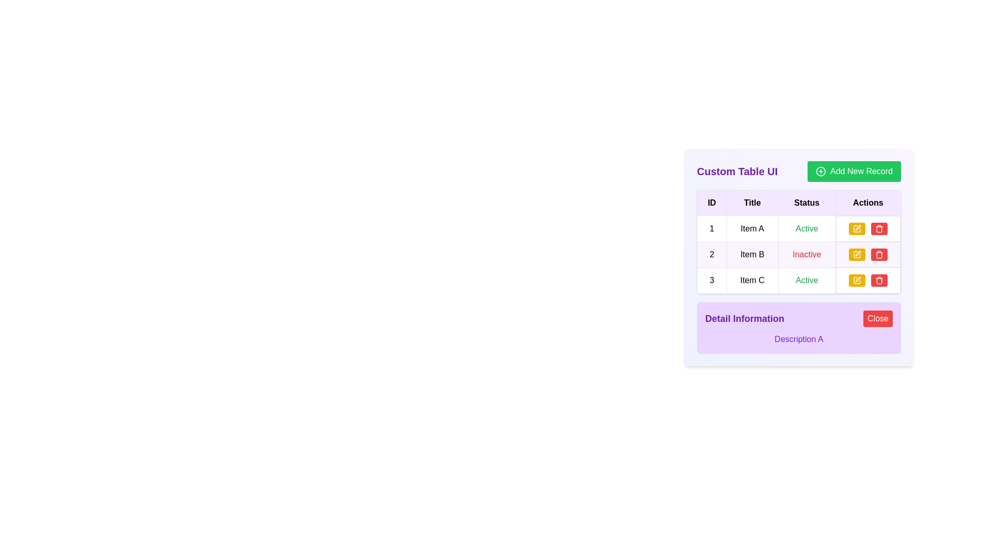 This screenshot has height=558, width=992. Describe the element at coordinates (820, 171) in the screenshot. I see `the green circular '+' icon located to the left of the 'Add New Record' button in the top-right corner of the purple interface section to observe visual feedback changes` at that location.